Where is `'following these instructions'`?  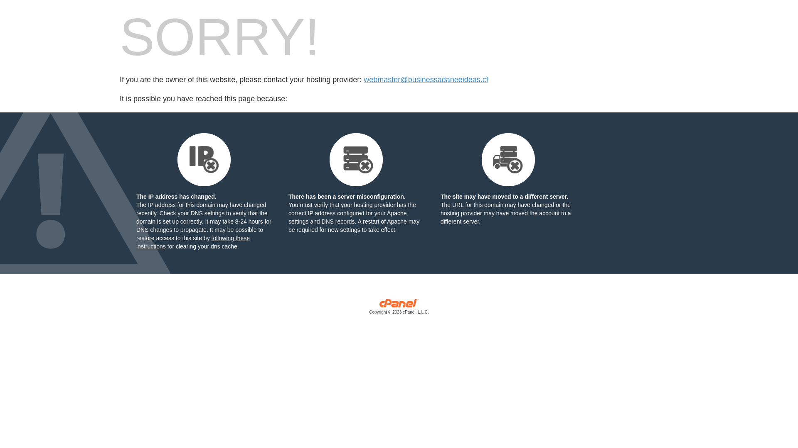 'following these instructions' is located at coordinates (192, 242).